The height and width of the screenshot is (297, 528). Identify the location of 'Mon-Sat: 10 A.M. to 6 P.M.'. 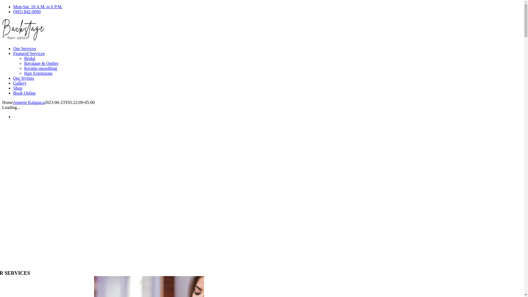
(37, 7).